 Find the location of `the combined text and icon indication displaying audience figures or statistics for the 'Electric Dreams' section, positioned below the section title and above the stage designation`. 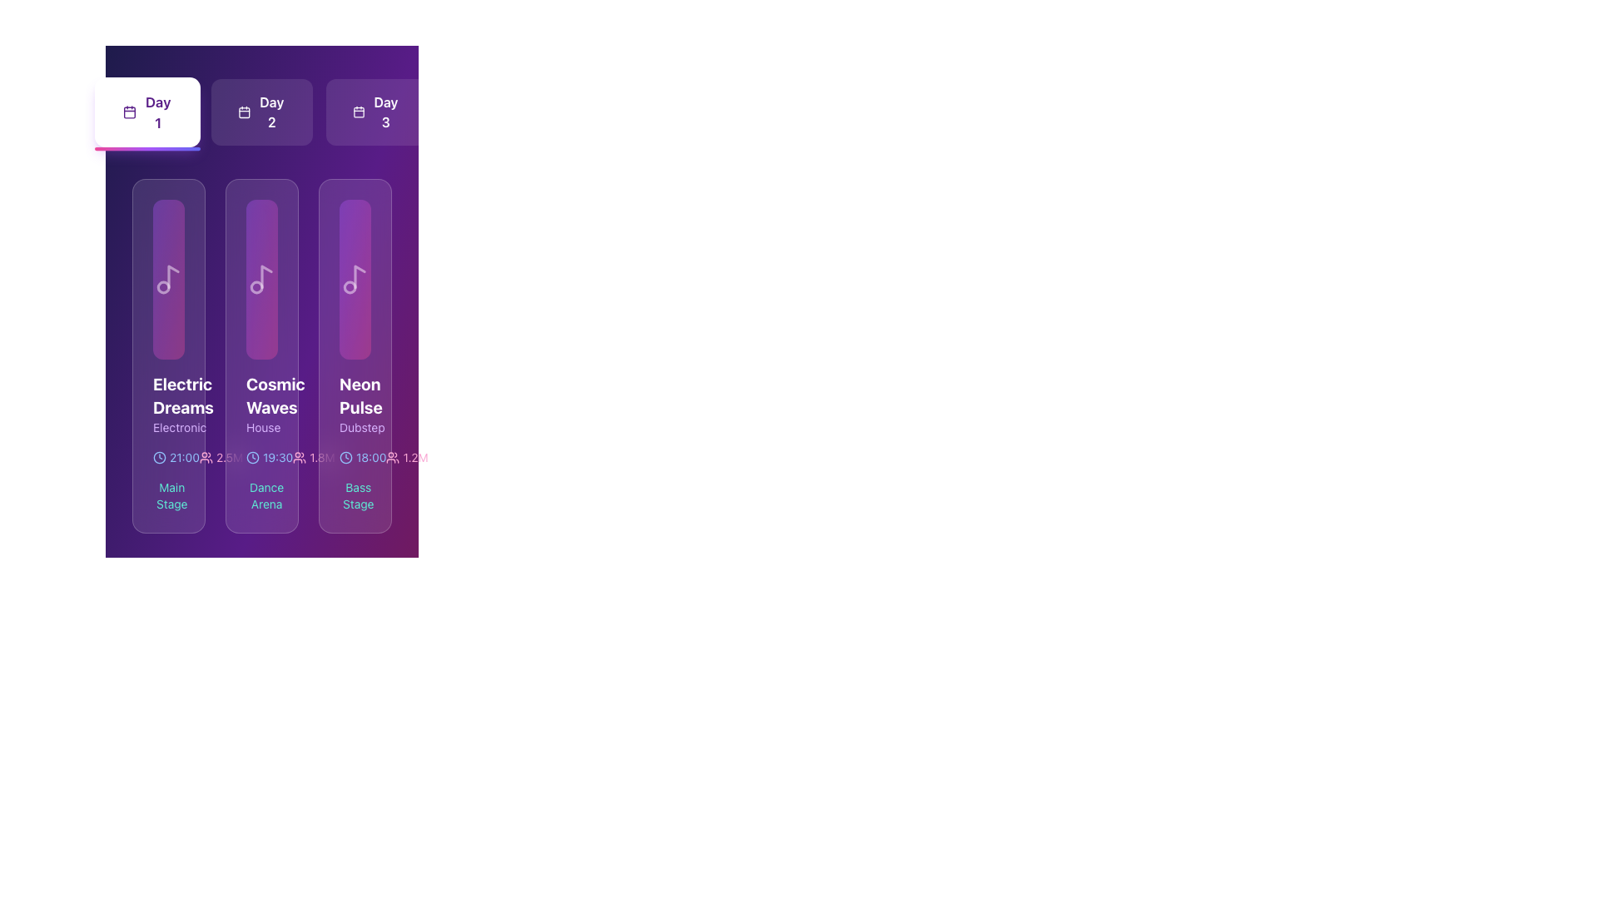

the combined text and icon indication displaying audience figures or statistics for the 'Electric Dreams' section, positioned below the section title and above the stage designation is located at coordinates (221, 458).